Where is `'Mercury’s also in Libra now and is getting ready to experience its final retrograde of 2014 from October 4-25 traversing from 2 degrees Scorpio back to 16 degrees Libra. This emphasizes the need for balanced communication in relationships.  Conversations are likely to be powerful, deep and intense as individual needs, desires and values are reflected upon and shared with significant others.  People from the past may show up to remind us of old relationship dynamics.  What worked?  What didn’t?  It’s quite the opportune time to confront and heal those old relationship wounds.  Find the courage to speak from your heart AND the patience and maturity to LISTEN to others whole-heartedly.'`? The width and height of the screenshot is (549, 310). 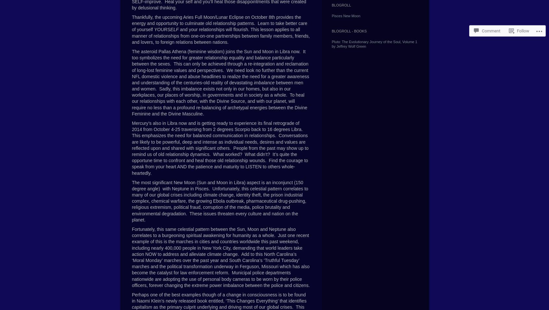 'Mercury’s also in Libra now and is getting ready to experience its final retrograde of 2014 from October 4-25 traversing from 2 degrees Scorpio back to 16 degrees Libra. This emphasizes the need for balanced communication in relationships.  Conversations are likely to be powerful, deep and intense as individual needs, desires and values are reflected upon and shared with significant others.  People from the past may show up to remind us of old relationship dynamics.  What worked?  What didn’t?  It’s quite the opportune time to confront and heal those old relationship wounds.  Find the courage to speak from your heart AND the patience and maturity to LISTEN to others whole-heartedly.' is located at coordinates (220, 148).